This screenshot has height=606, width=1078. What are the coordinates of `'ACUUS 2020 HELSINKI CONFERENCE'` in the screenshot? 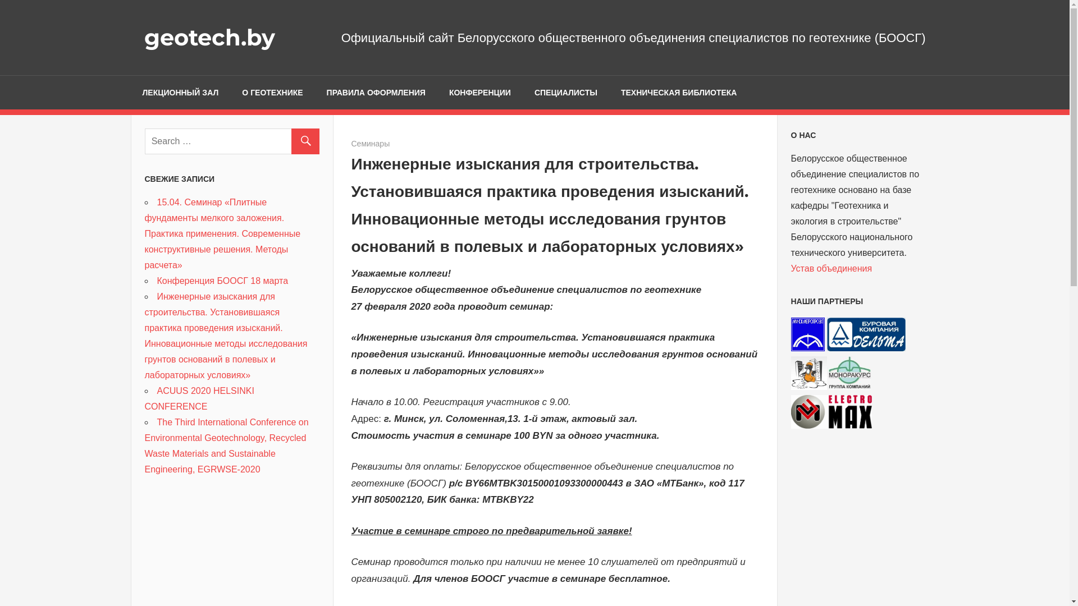 It's located at (199, 398).